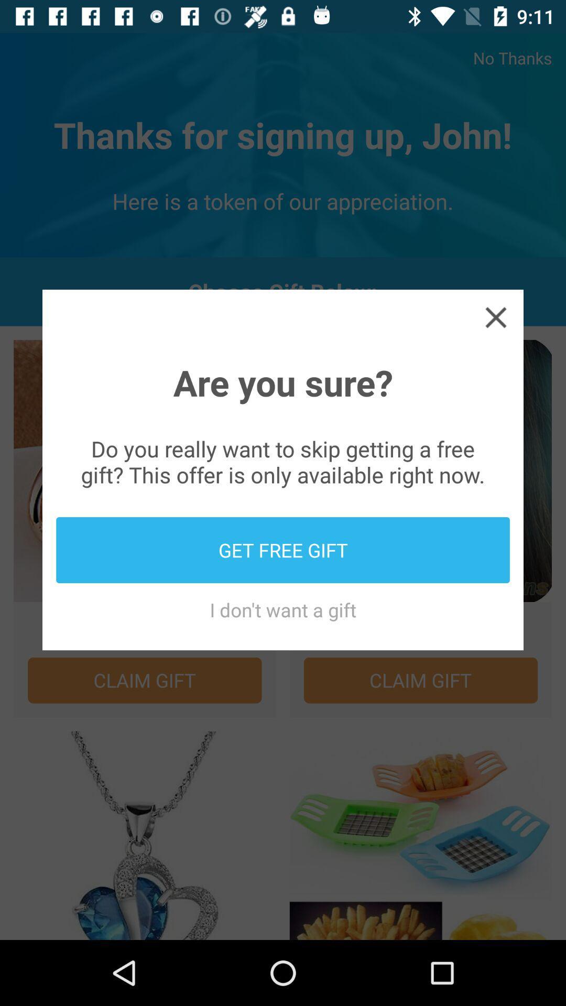 This screenshot has width=566, height=1006. Describe the element at coordinates (495, 316) in the screenshot. I see `close` at that location.